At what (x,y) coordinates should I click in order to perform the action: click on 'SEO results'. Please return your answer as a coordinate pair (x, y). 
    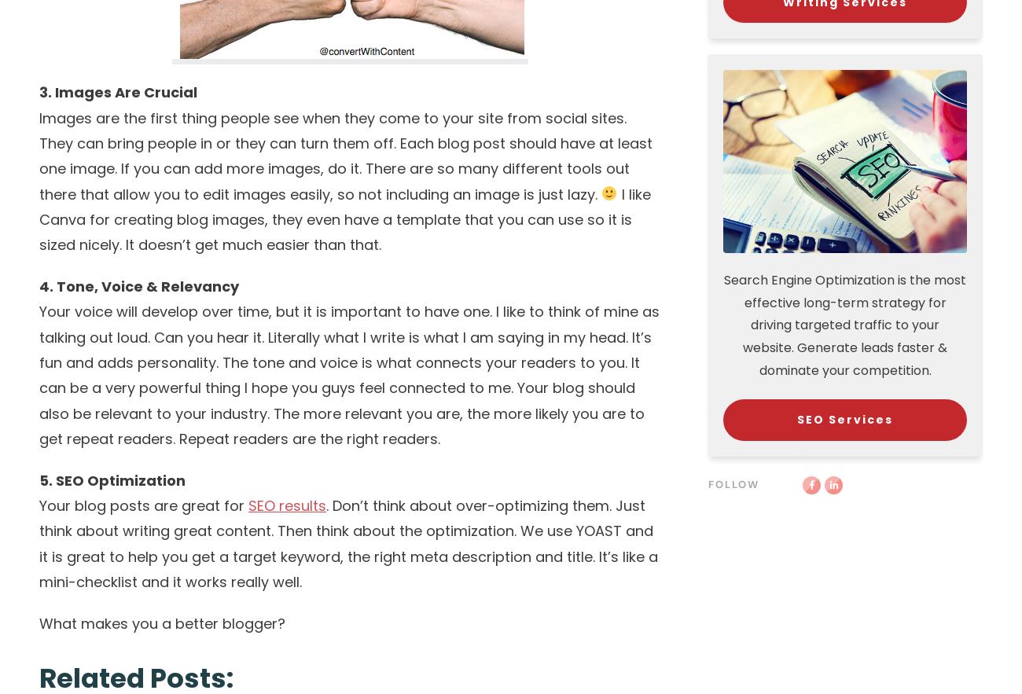
    Looking at the image, I should click on (286, 505).